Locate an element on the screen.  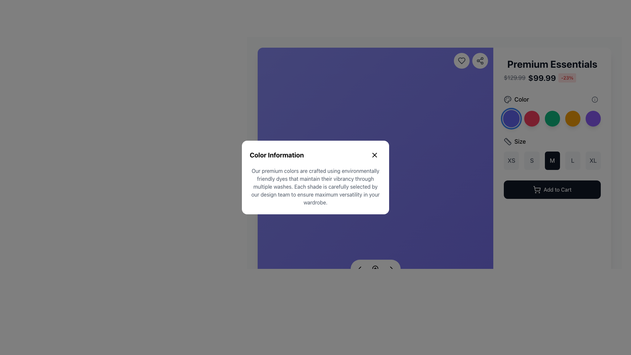
the Information Icon or Tooltip Trigger located at the top right of the color property section is located at coordinates (595, 100).